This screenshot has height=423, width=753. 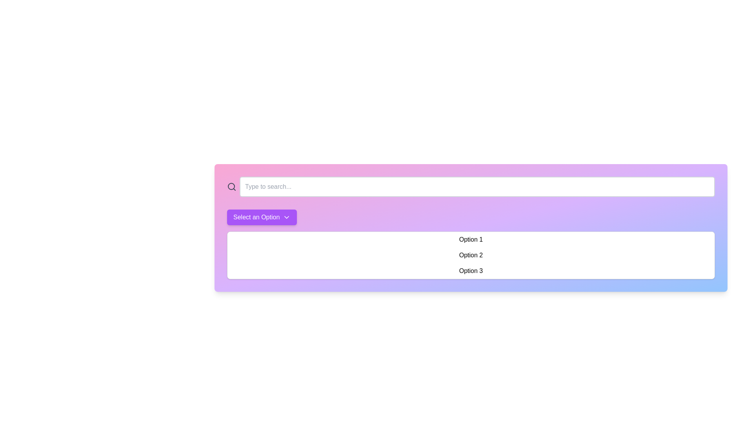 I want to click on the Chevron Down Indicator icon, which is styled with rounded edges and indicates a dropdown list, located to the right of the 'Select an Option' button, so click(x=286, y=217).